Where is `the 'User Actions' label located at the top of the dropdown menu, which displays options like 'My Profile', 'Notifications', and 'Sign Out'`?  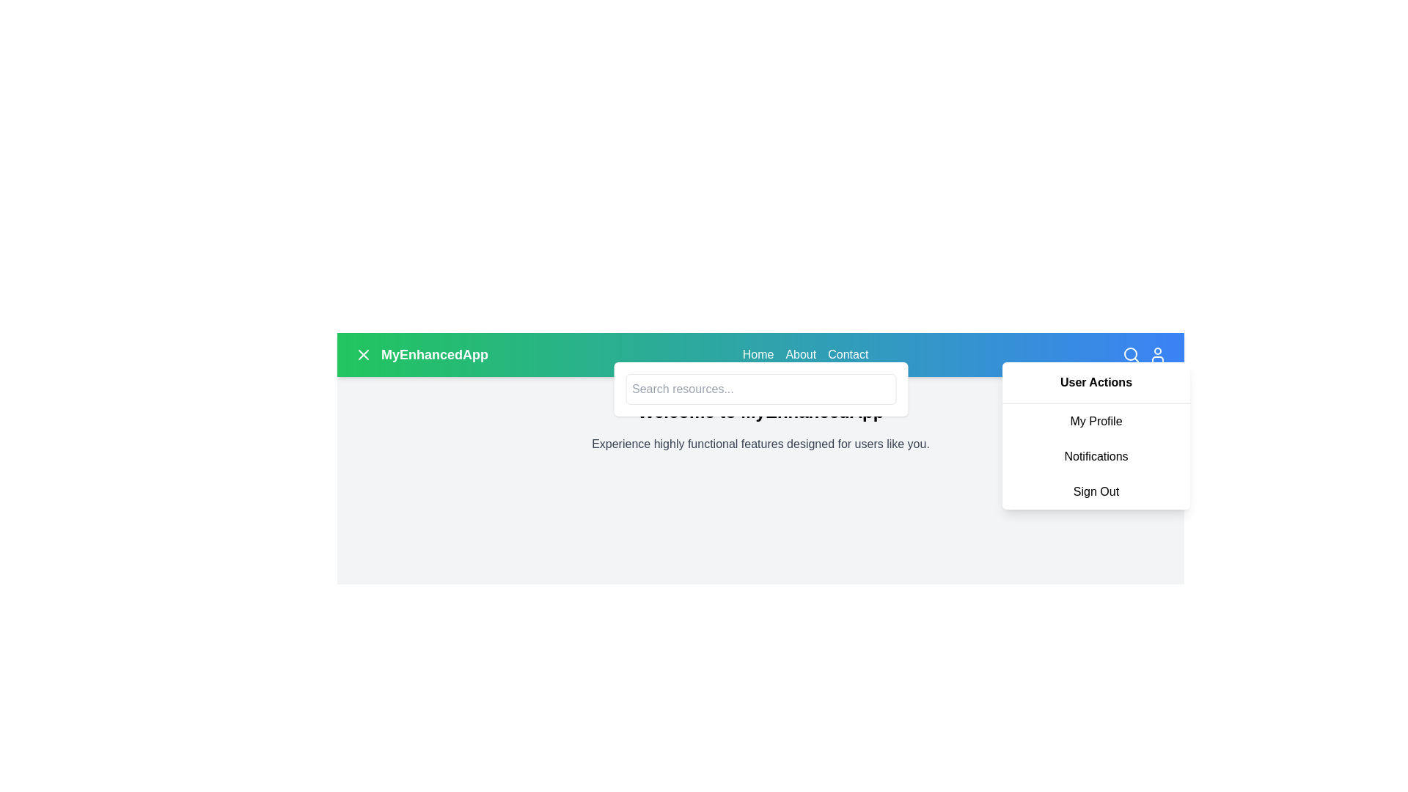
the 'User Actions' label located at the top of the dropdown menu, which displays options like 'My Profile', 'Notifications', and 'Sign Out' is located at coordinates (1096, 382).